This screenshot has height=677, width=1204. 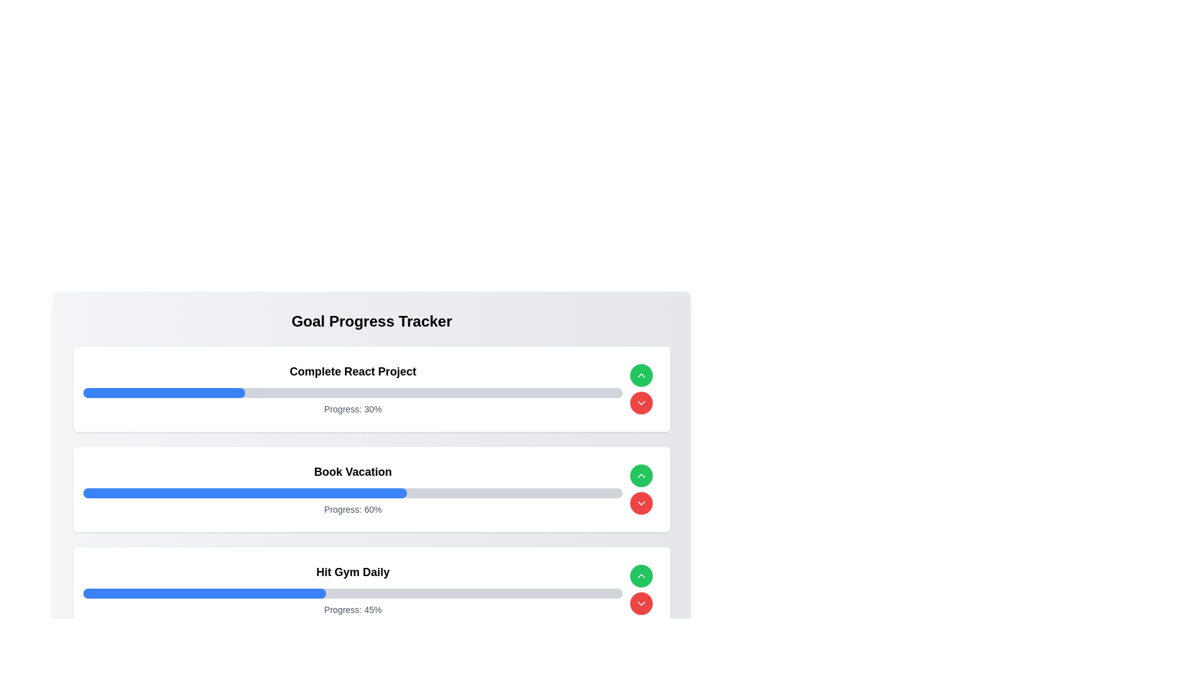 I want to click on the progress bar that visually displays the progress percentage (30%) for the task 'Complete React Project', so click(x=352, y=392).